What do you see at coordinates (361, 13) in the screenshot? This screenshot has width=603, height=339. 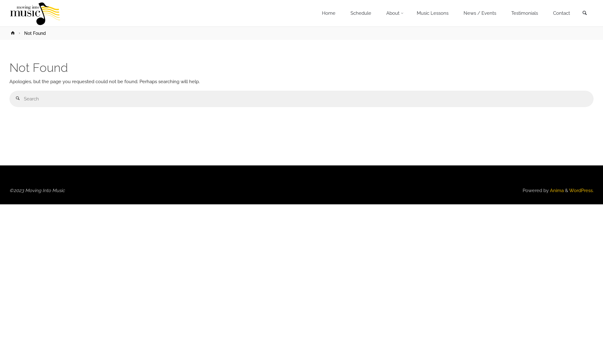 I see `'Schedule'` at bounding box center [361, 13].